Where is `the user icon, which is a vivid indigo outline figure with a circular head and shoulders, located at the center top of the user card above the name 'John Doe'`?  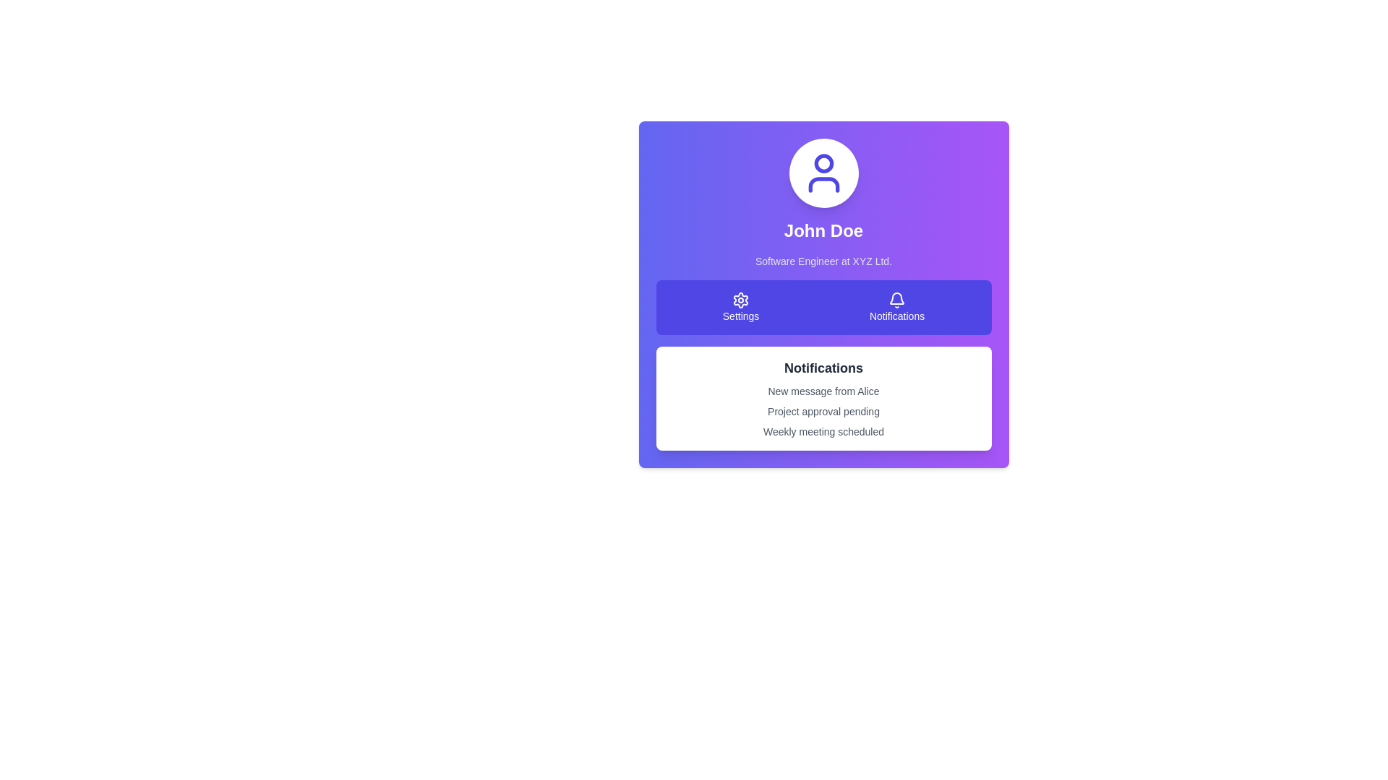 the user icon, which is a vivid indigo outline figure with a circular head and shoulders, located at the center top of the user card above the name 'John Doe' is located at coordinates (823, 172).